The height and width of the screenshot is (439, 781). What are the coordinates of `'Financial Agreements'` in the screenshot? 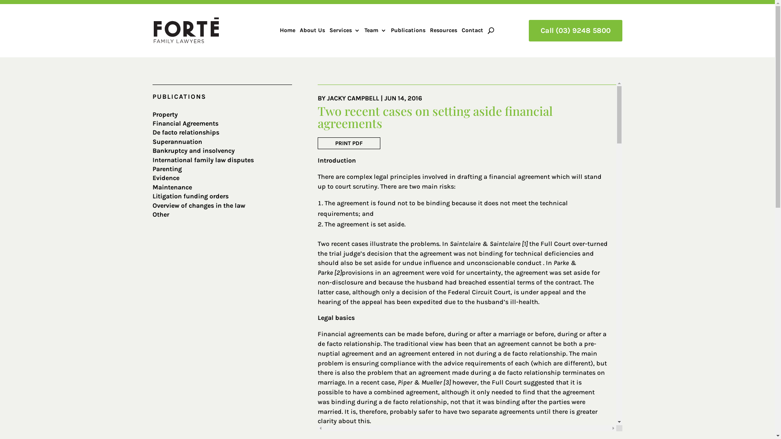 It's located at (185, 123).